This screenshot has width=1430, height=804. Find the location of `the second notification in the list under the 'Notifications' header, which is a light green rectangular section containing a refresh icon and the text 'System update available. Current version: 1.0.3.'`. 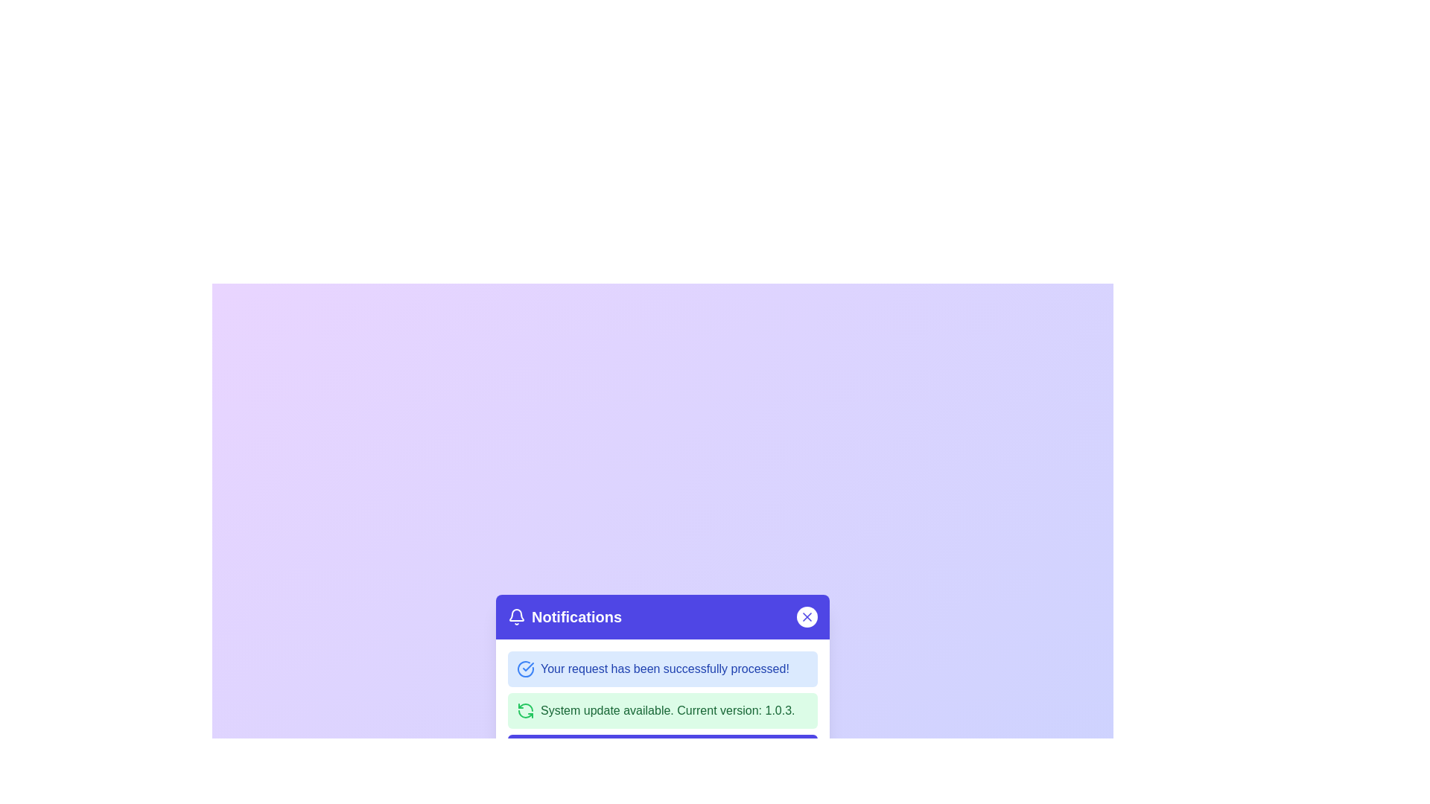

the second notification in the list under the 'Notifications' header, which is a light green rectangular section containing a refresh icon and the text 'System update available. Current version: 1.0.3.' is located at coordinates (661, 707).